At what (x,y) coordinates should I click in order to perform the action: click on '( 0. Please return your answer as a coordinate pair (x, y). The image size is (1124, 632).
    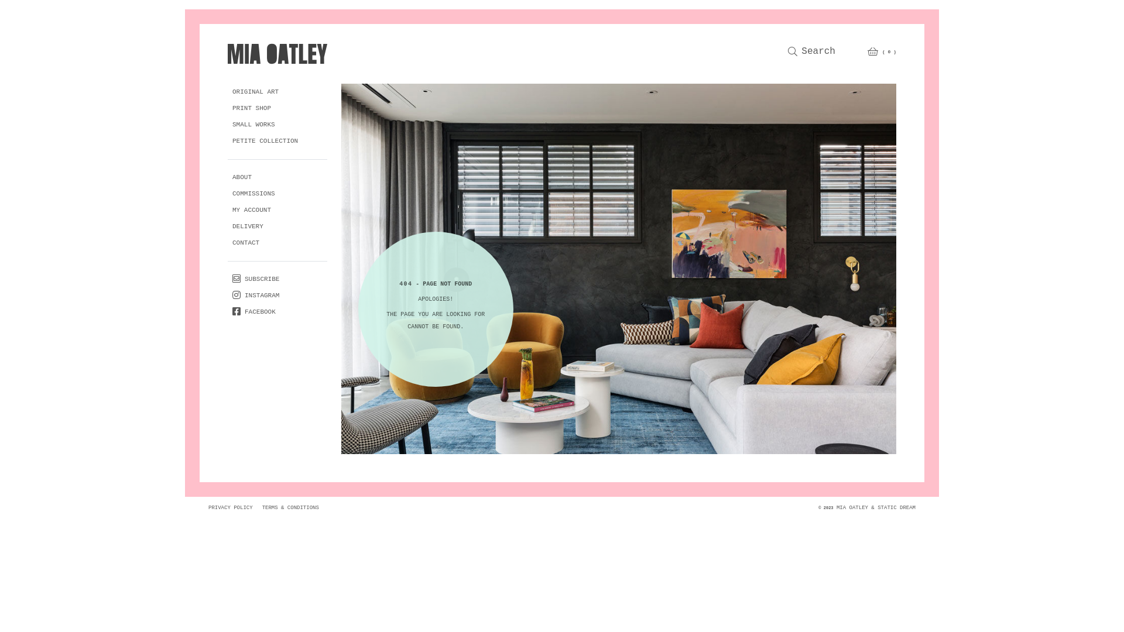
    Looking at the image, I should click on (882, 51).